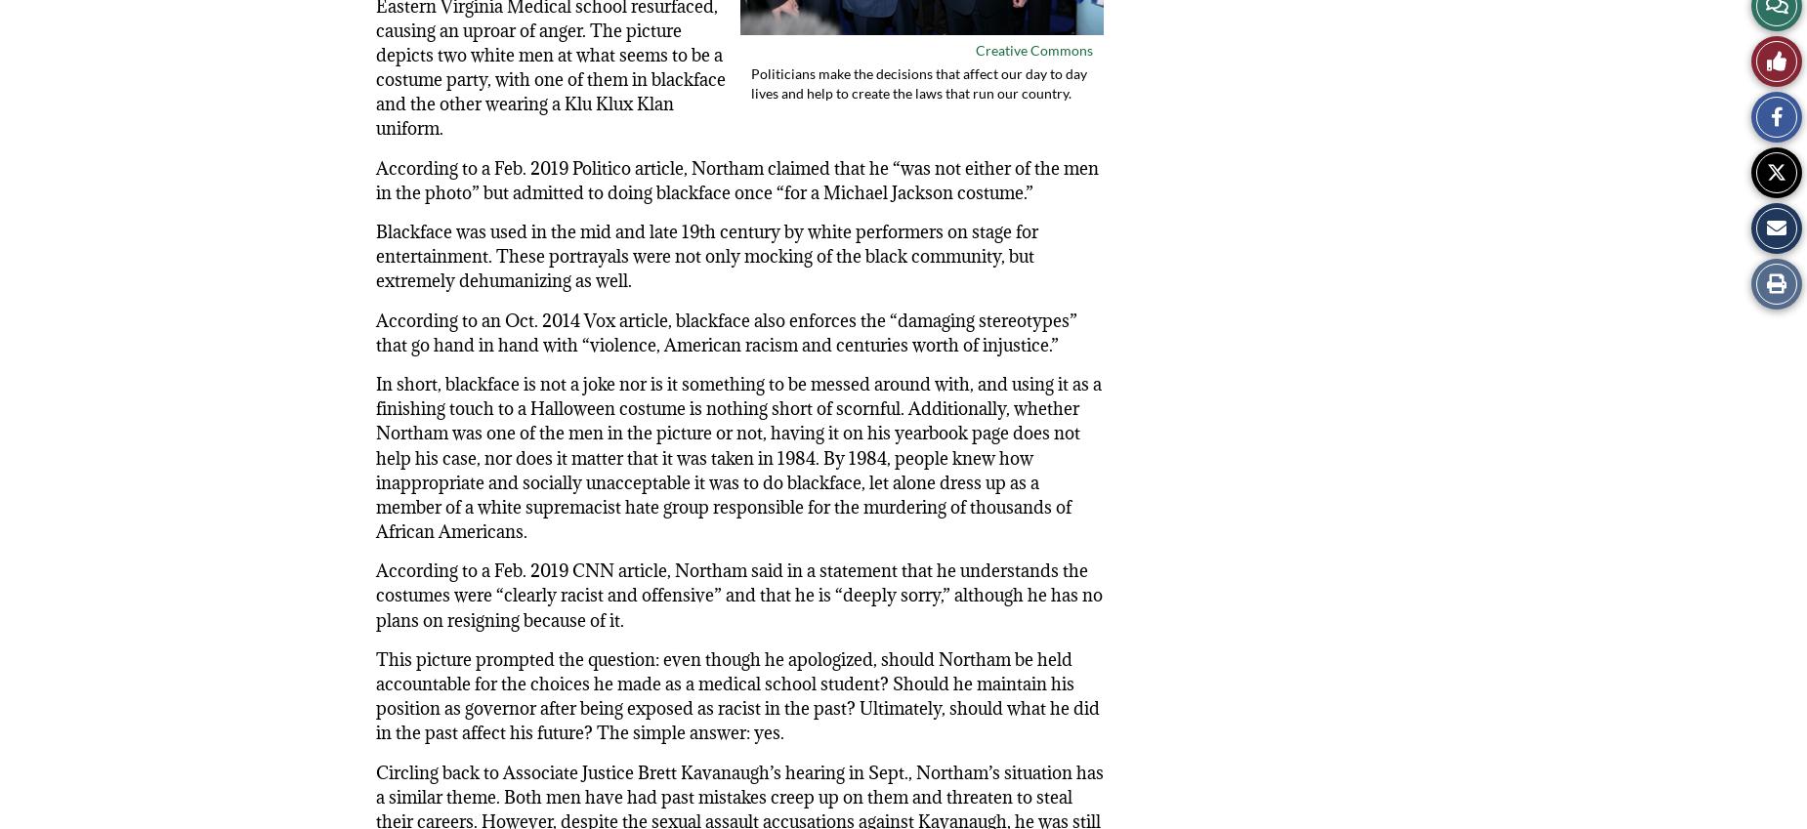 Image resolution: width=1807 pixels, height=829 pixels. What do you see at coordinates (707, 256) in the screenshot?
I see `'Blackface was used in the mid and late 19th century by white performers on stage for entertainment. These portrayals were not only mocking of the black community, but extremely dehumanizing as well.'` at bounding box center [707, 256].